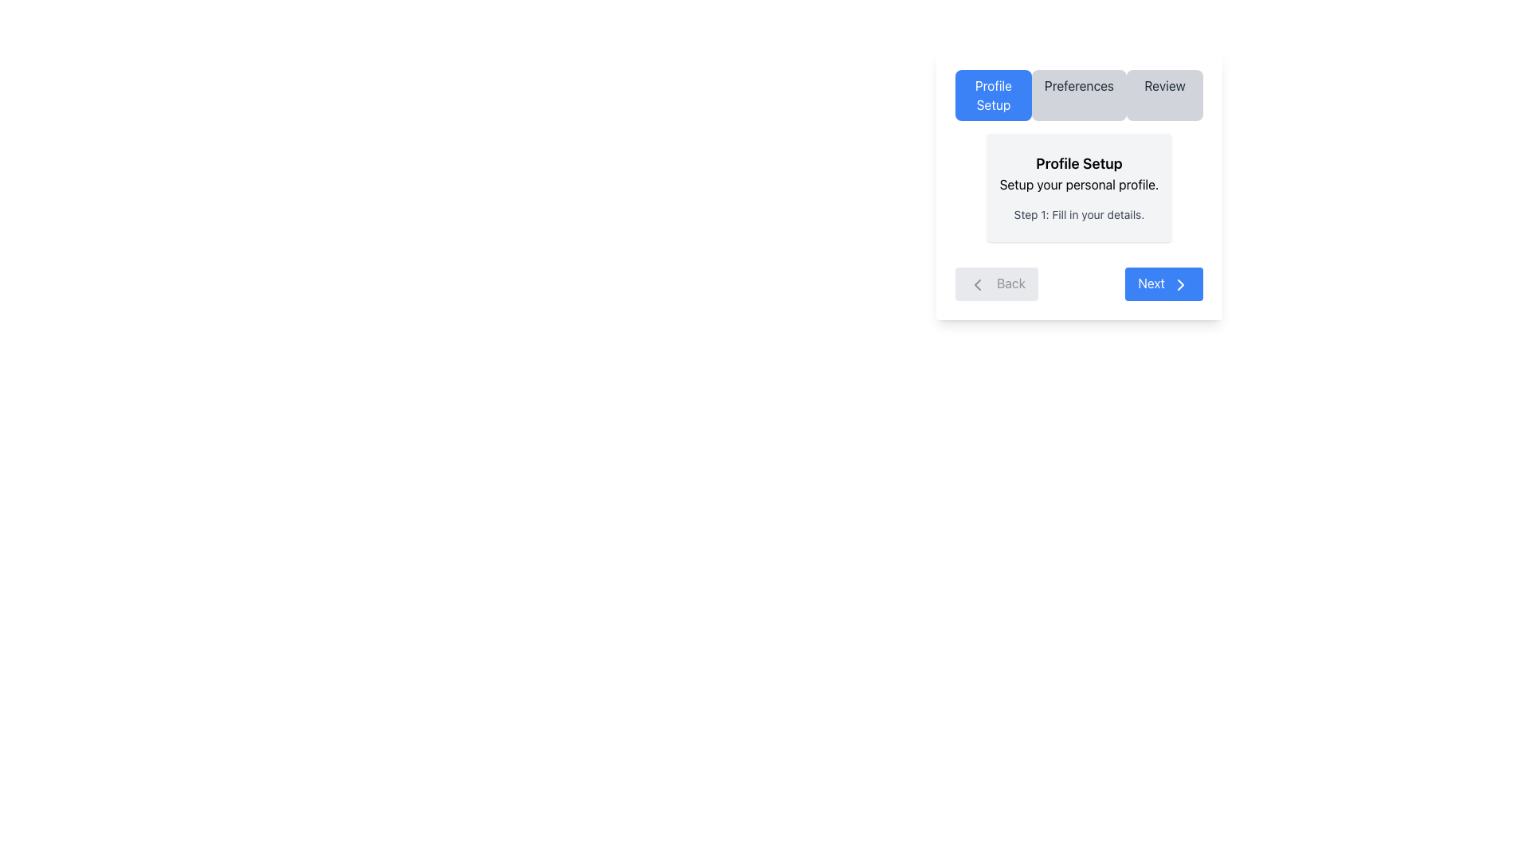  I want to click on the 'Preferences' tab in the Tab navigation component, so click(1079, 95).